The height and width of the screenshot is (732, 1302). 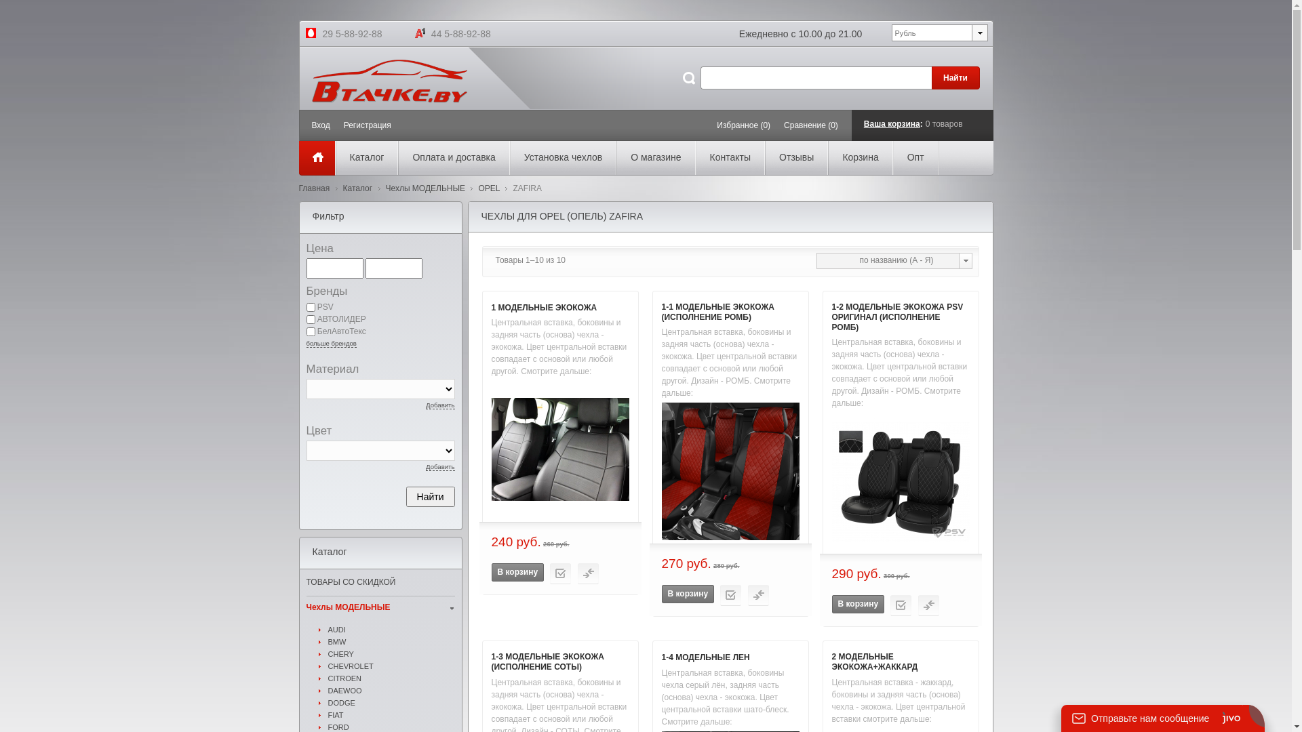 I want to click on 'AUDI', so click(x=391, y=630).